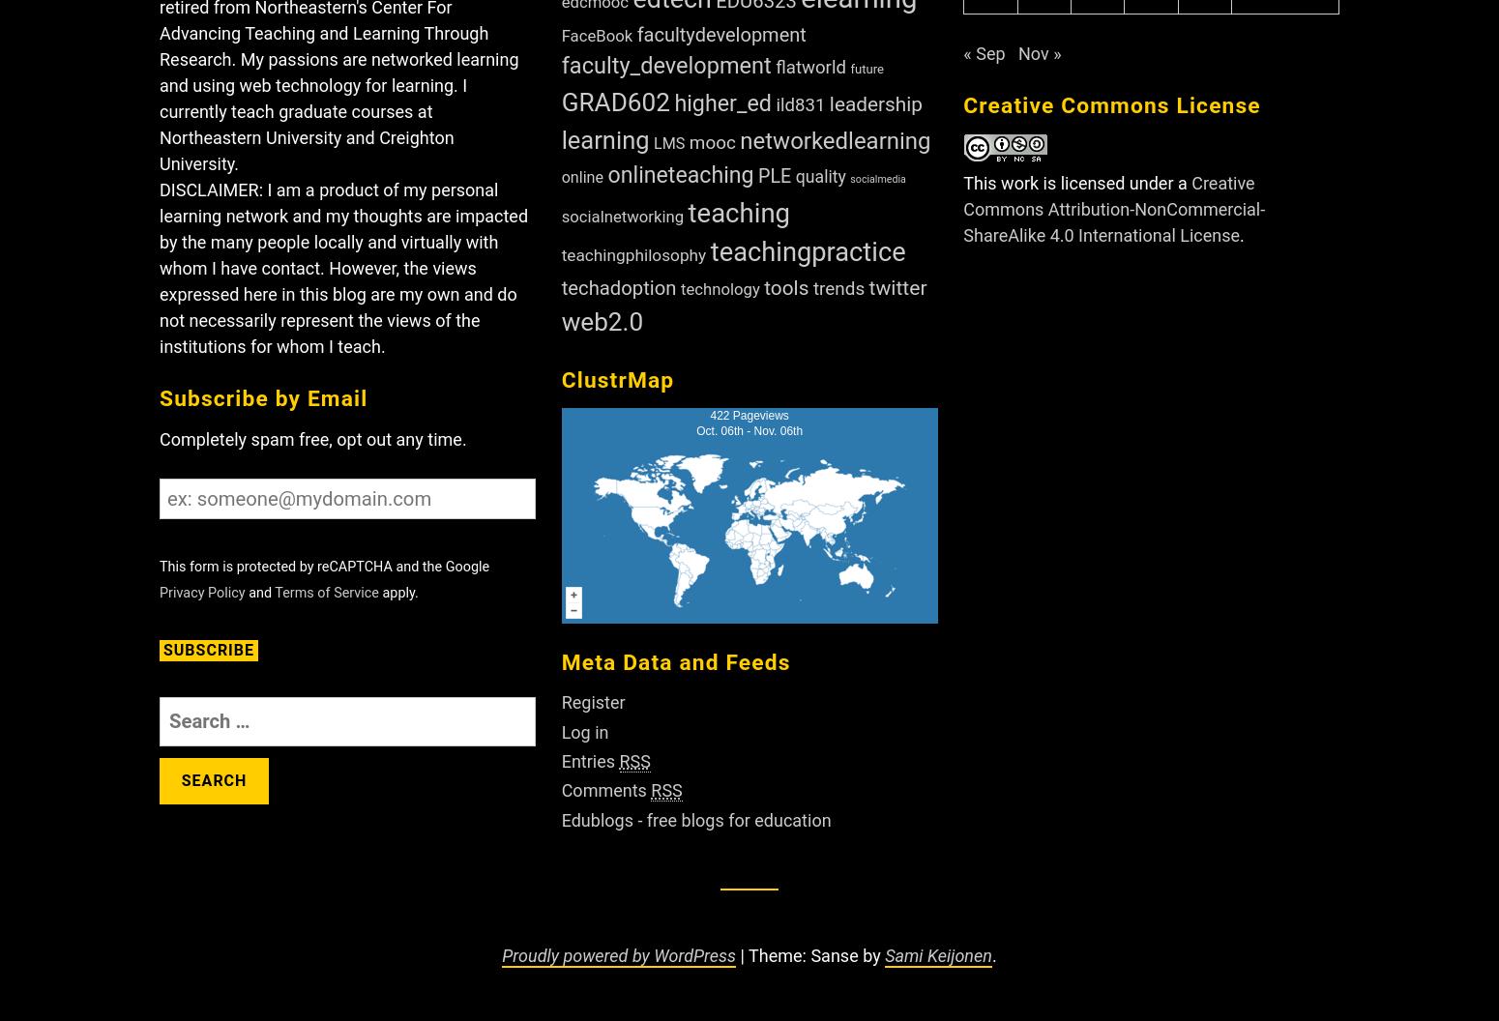 The height and width of the screenshot is (1021, 1499). What do you see at coordinates (739, 139) in the screenshot?
I see `'networkedlearning'` at bounding box center [739, 139].